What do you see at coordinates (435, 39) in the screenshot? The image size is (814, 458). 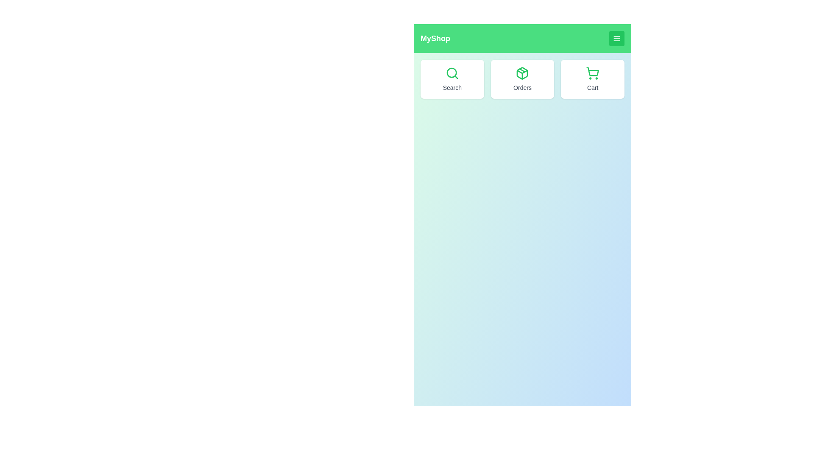 I see `the header title 'MyShop' to highlight it` at bounding box center [435, 39].